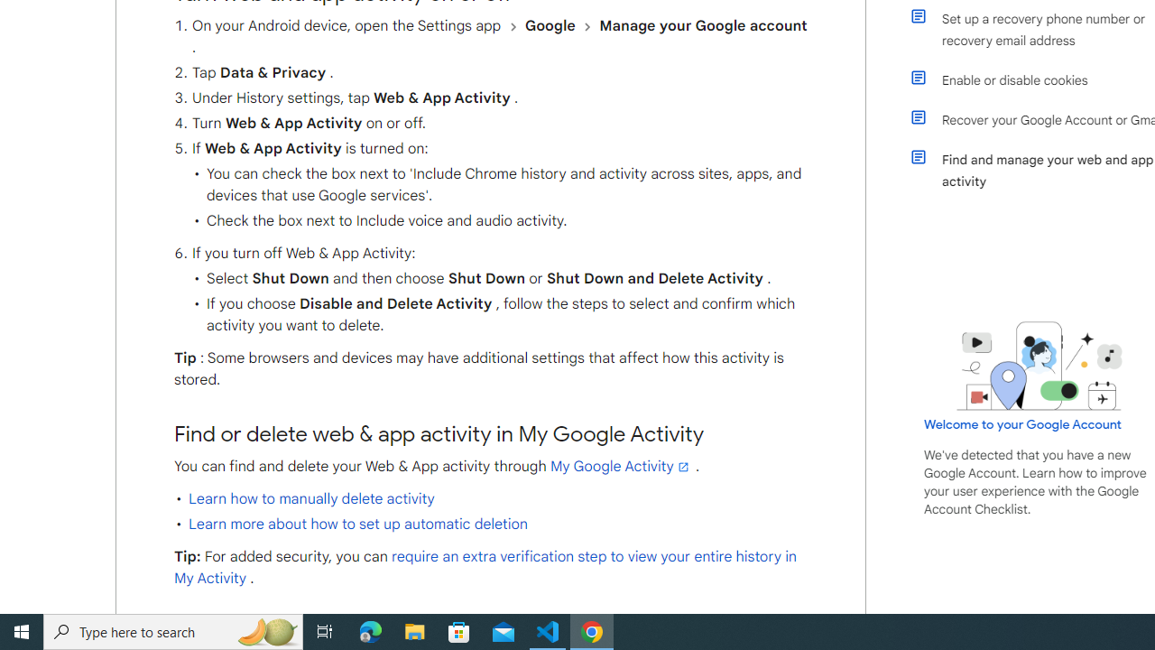 The width and height of the screenshot is (1155, 650). Describe the element at coordinates (1039, 366) in the screenshot. I see `'Learning Center home page image'` at that location.